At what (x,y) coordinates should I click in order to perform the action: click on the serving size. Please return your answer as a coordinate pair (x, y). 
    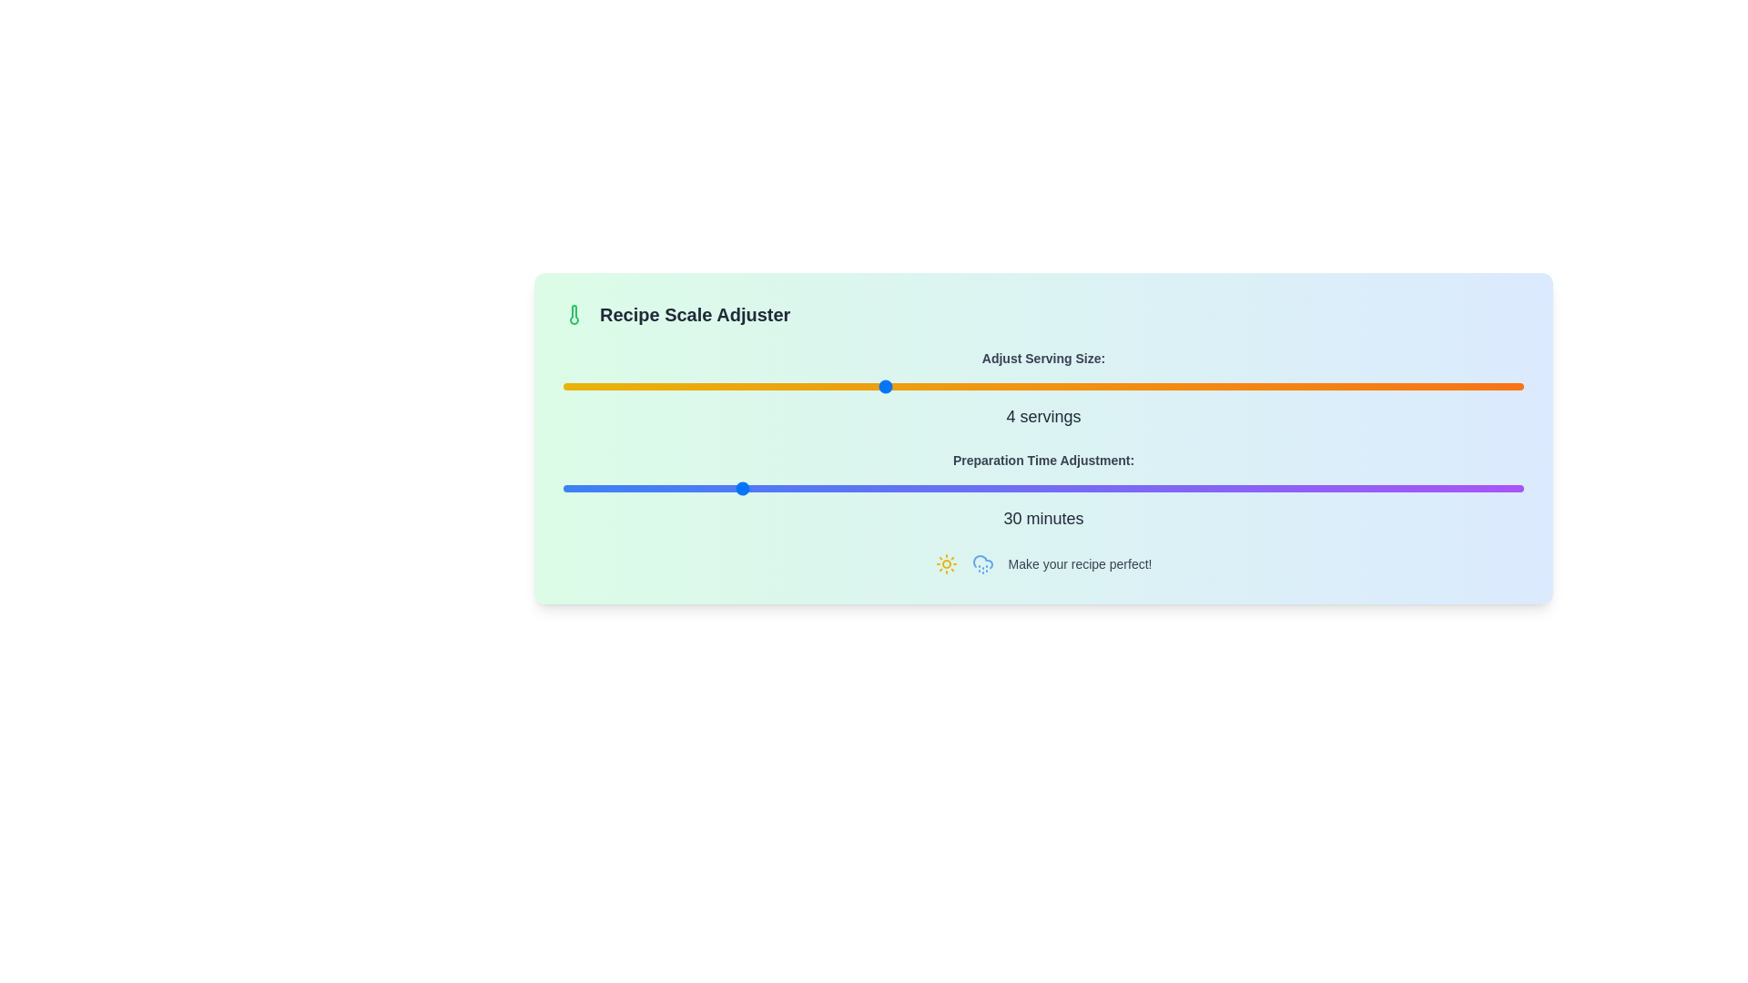
    Looking at the image, I should click on (989, 385).